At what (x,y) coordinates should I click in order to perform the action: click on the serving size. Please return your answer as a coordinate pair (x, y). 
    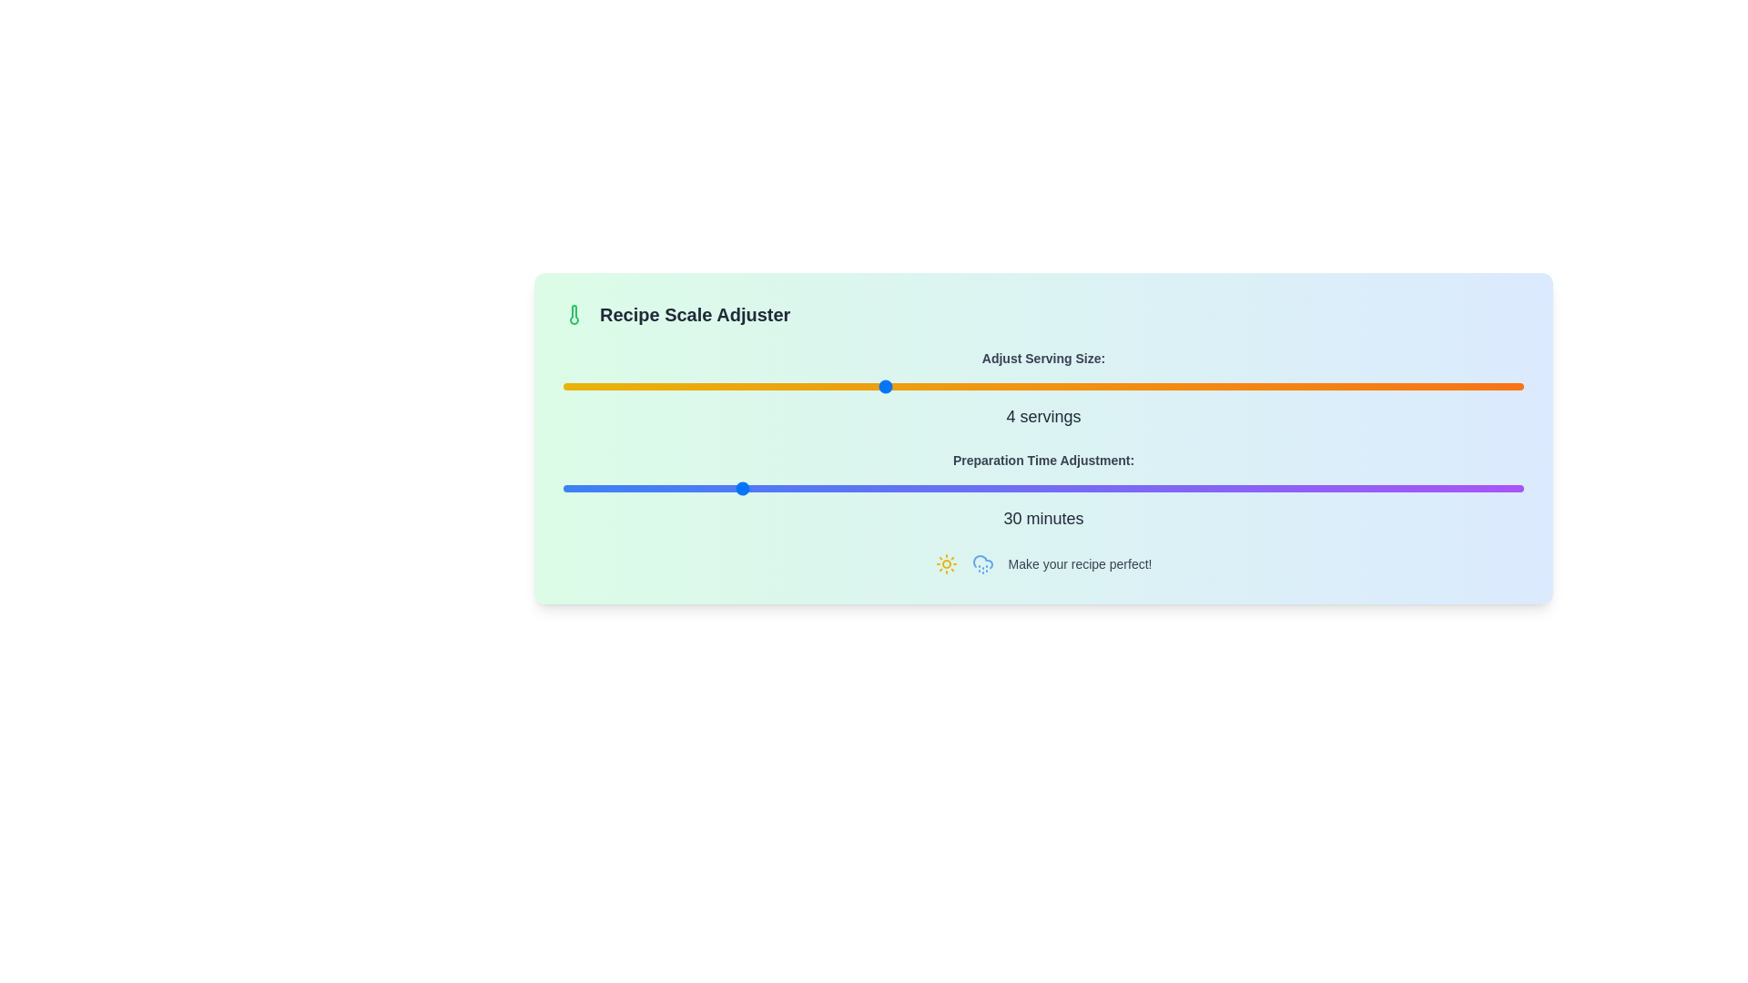
    Looking at the image, I should click on (989, 385).